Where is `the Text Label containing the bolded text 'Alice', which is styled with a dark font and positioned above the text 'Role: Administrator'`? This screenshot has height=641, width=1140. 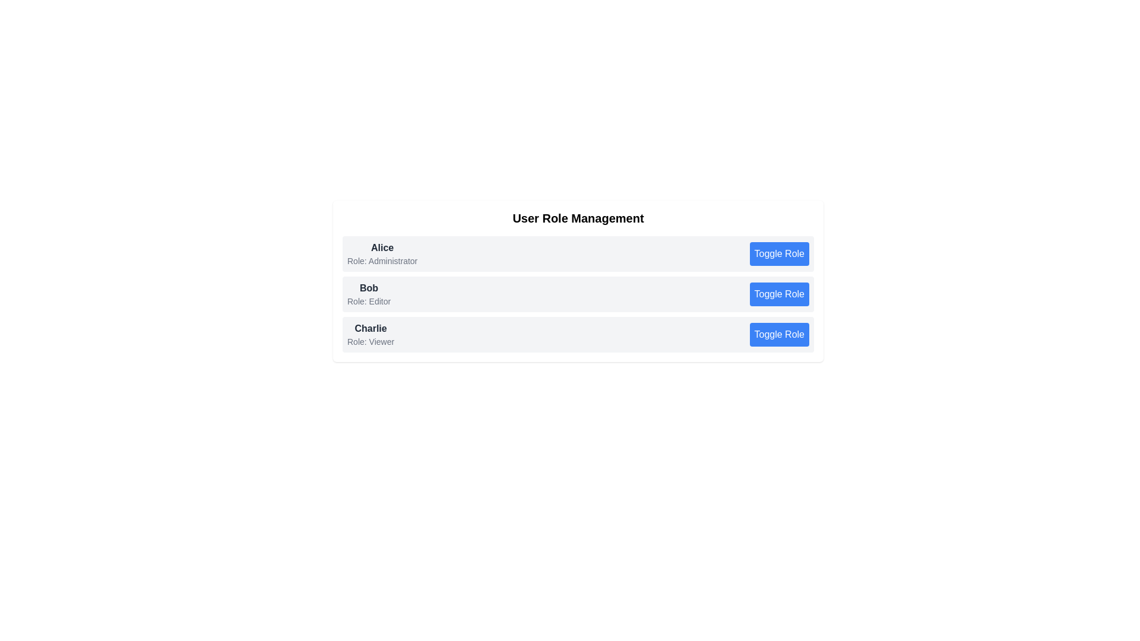 the Text Label containing the bolded text 'Alice', which is styled with a dark font and positioned above the text 'Role: Administrator' is located at coordinates (382, 247).